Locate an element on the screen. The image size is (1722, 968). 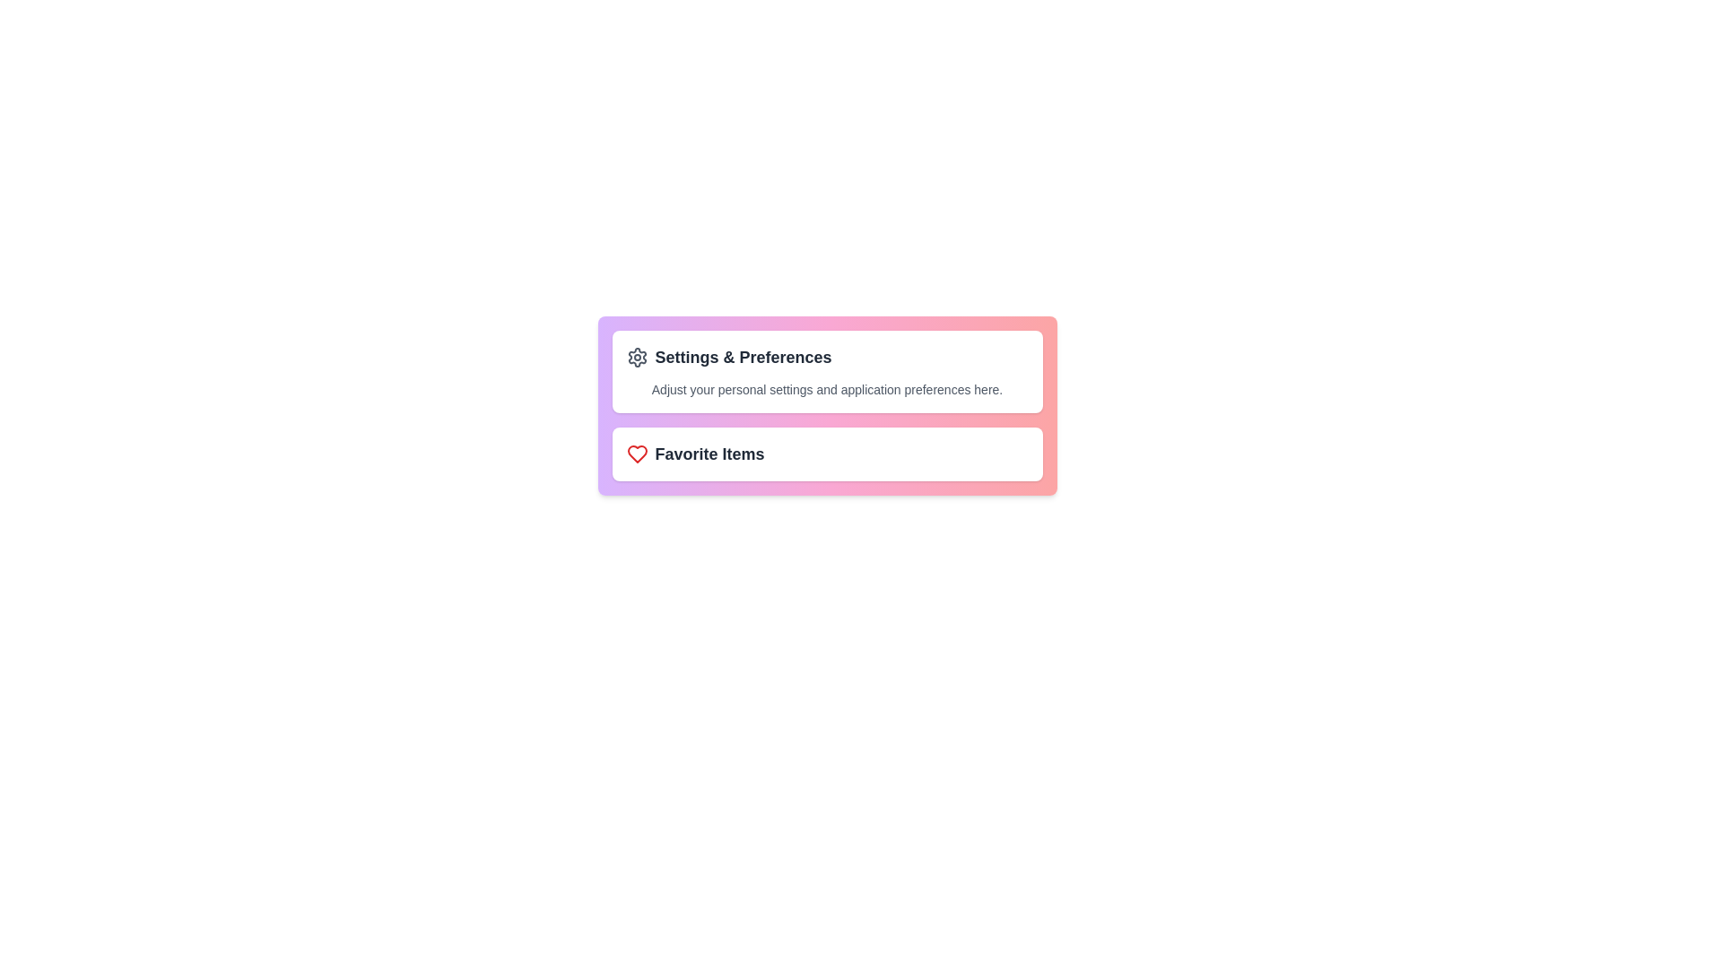
the 'like' or 'favorite' icon located in the 'Favorite Items' section, positioned to the left of the text 'Favorite Items' is located at coordinates (637, 453).